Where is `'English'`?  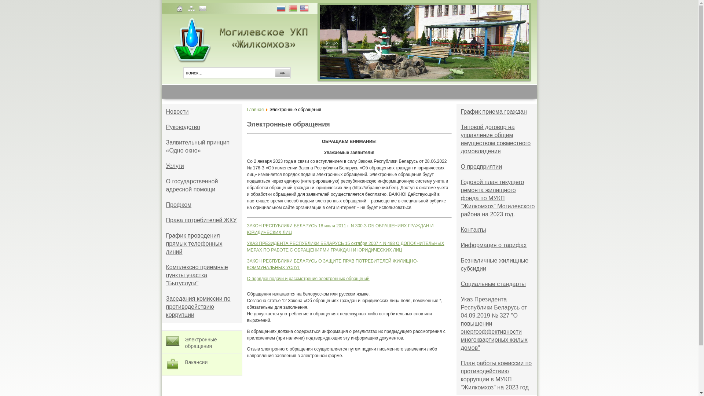 'English' is located at coordinates (305, 9).